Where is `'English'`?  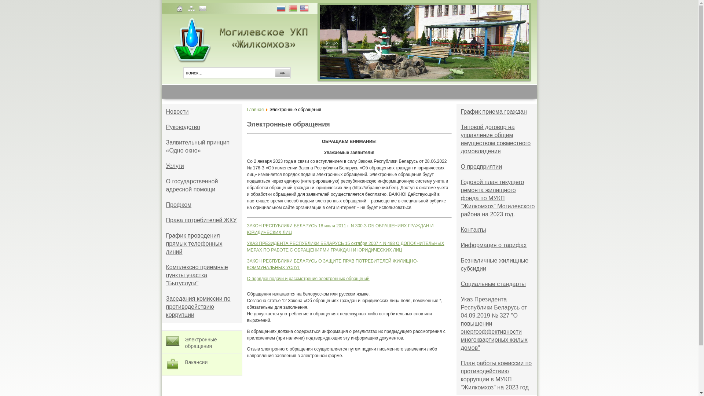 'English' is located at coordinates (305, 9).